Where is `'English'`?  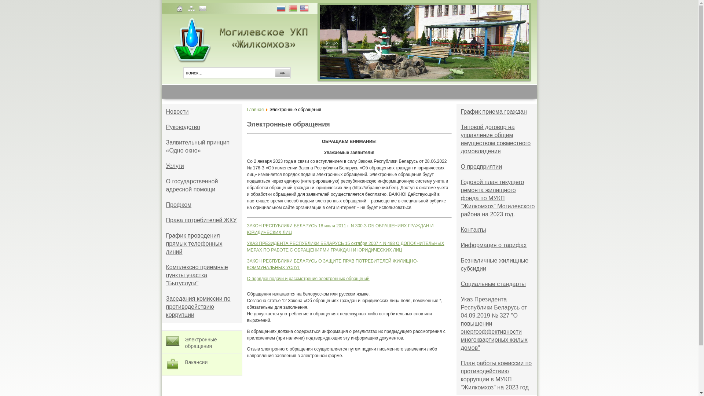 'English' is located at coordinates (305, 9).